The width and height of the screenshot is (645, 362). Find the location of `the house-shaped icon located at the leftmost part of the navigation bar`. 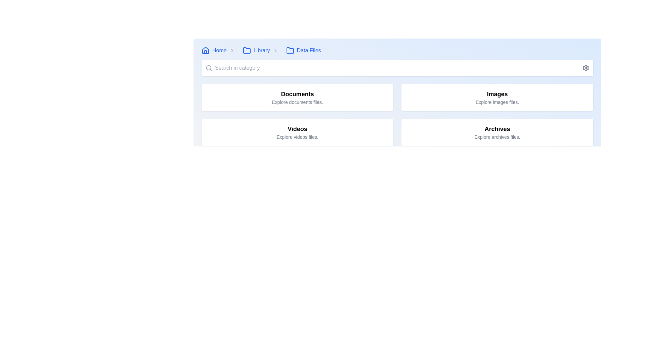

the house-shaped icon located at the leftmost part of the navigation bar is located at coordinates (205, 50).